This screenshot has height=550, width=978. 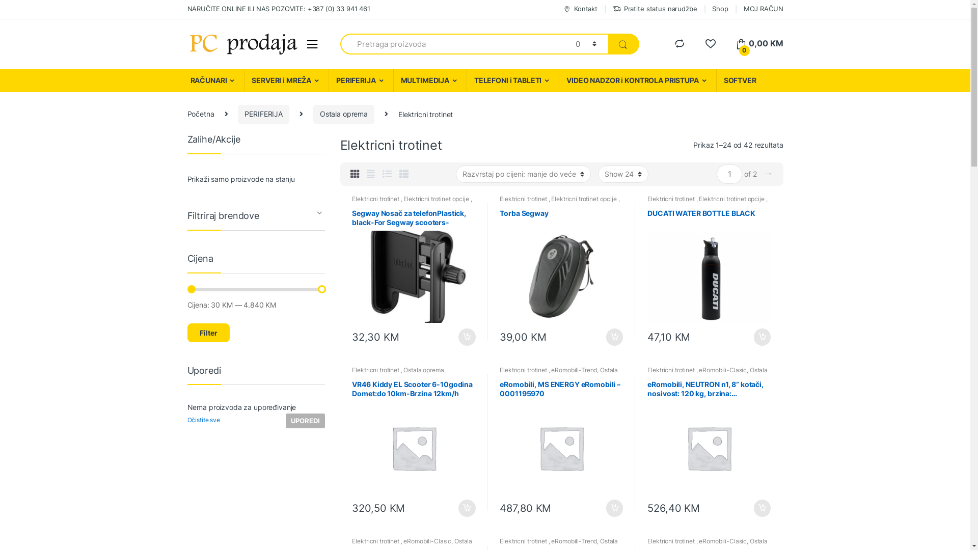 What do you see at coordinates (344, 114) in the screenshot?
I see `'Ostala oprema'` at bounding box center [344, 114].